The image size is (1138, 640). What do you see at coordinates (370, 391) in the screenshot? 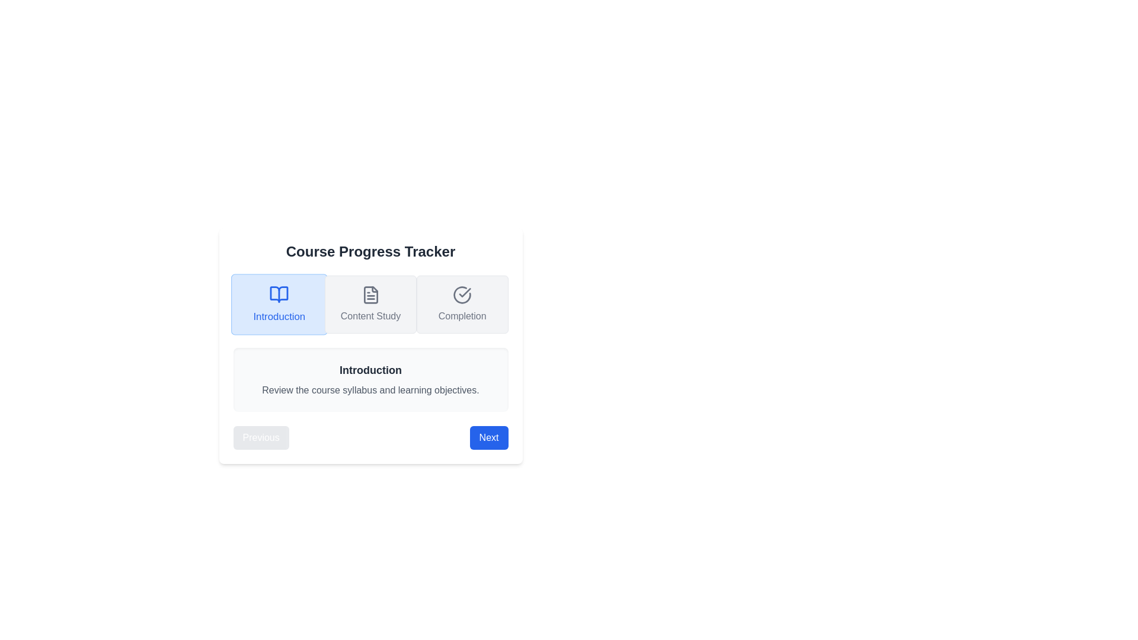
I see `the text label displaying 'Review the course syllabus and learning objectives.' which is positioned below the 'Introduction' header` at bounding box center [370, 391].